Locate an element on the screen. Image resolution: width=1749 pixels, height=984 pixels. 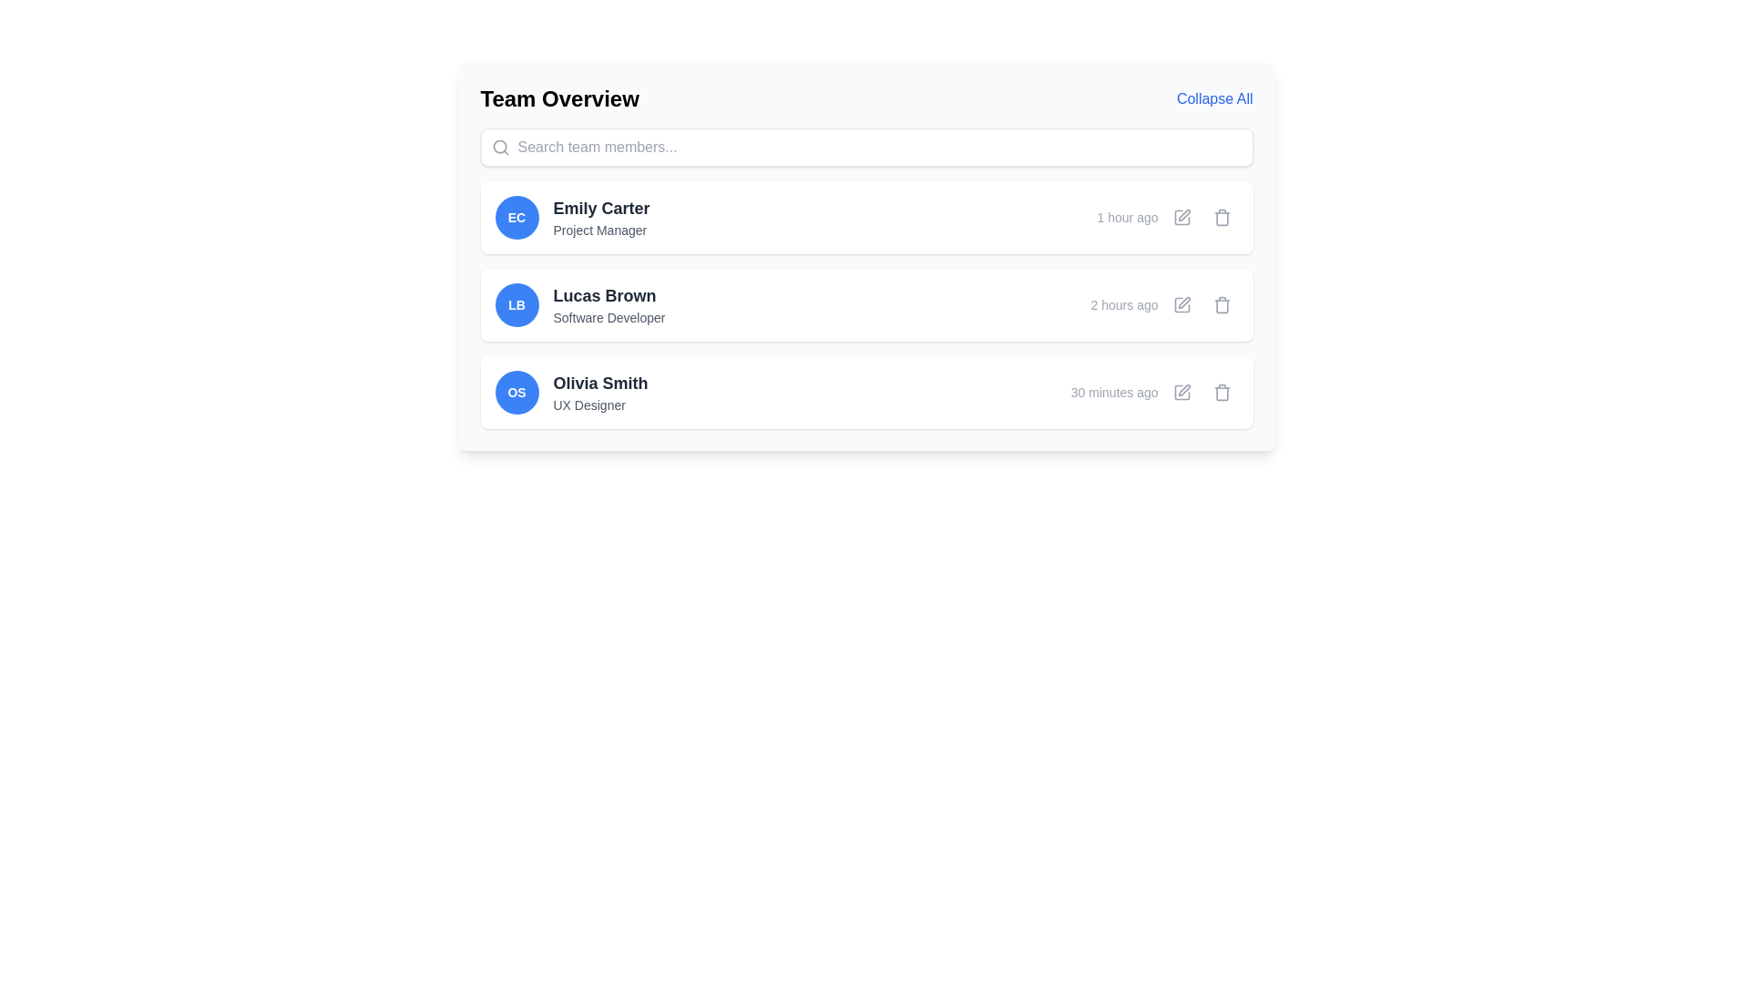
the delete button icon located in the second row of the list for user 'Lucas Brown' is located at coordinates (1222, 304).